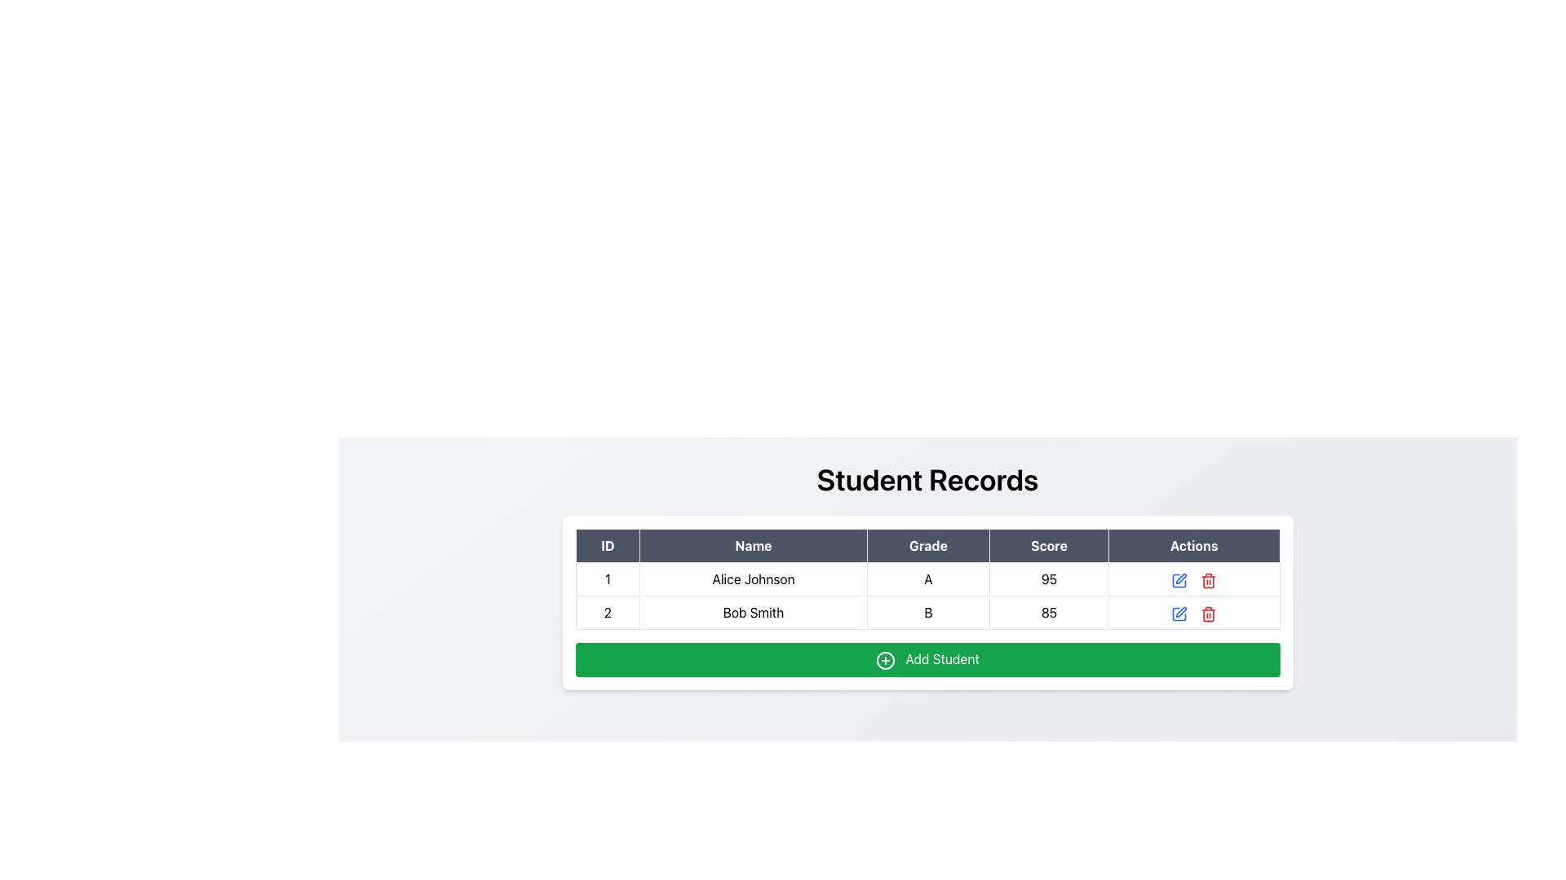 The width and height of the screenshot is (1566, 880). What do you see at coordinates (927, 658) in the screenshot?
I see `the action button located beneath the student records table` at bounding box center [927, 658].